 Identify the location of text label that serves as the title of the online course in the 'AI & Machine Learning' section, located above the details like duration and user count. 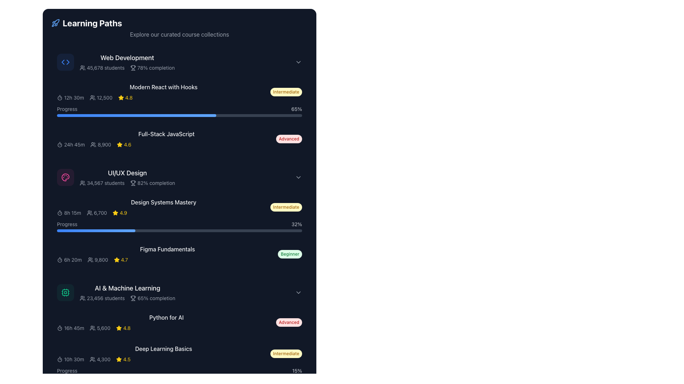
(166, 322).